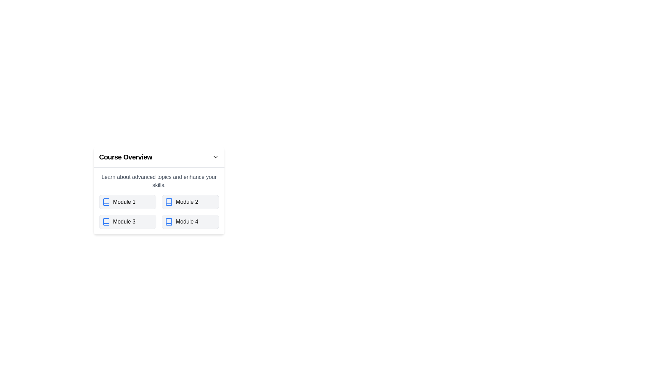 The width and height of the screenshot is (654, 368). Describe the element at coordinates (127, 202) in the screenshot. I see `the 'Module 1' button, which is a rectangular button with a light gray background and an open book icon` at that location.